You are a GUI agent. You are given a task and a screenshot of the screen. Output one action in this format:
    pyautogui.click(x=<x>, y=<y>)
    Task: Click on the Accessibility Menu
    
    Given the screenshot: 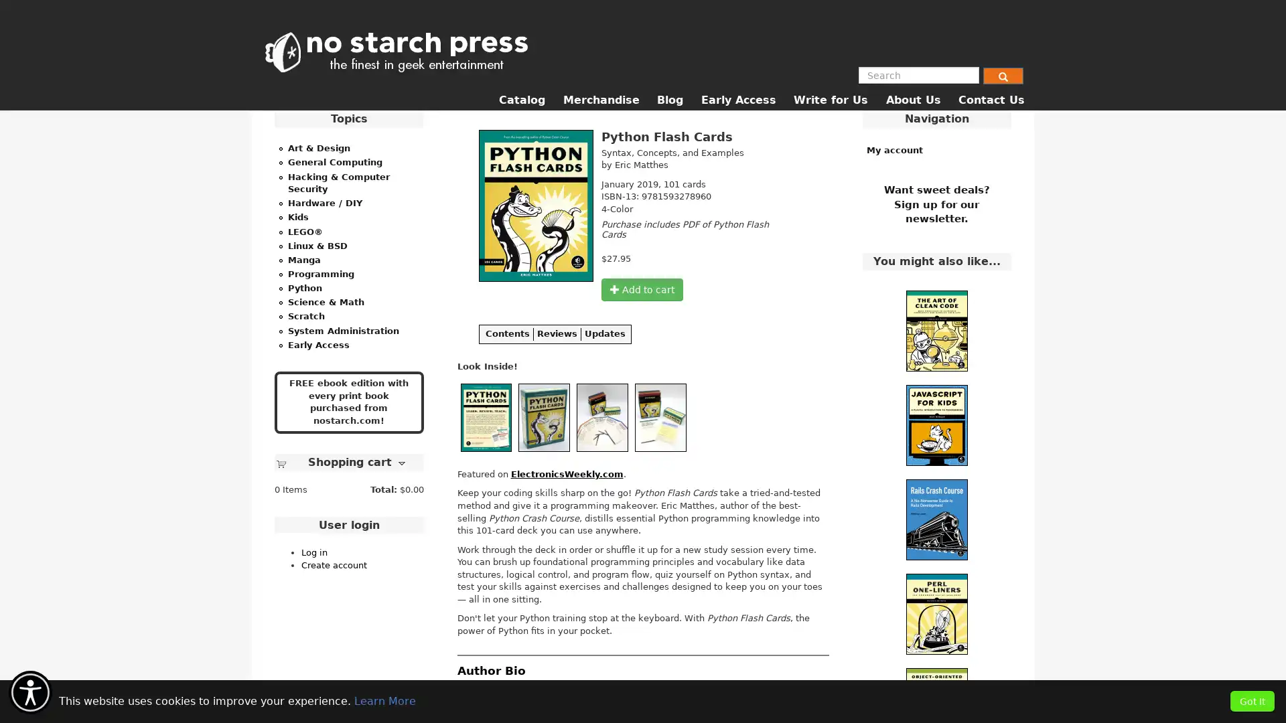 What is the action you would take?
    pyautogui.click(x=30, y=692)
    